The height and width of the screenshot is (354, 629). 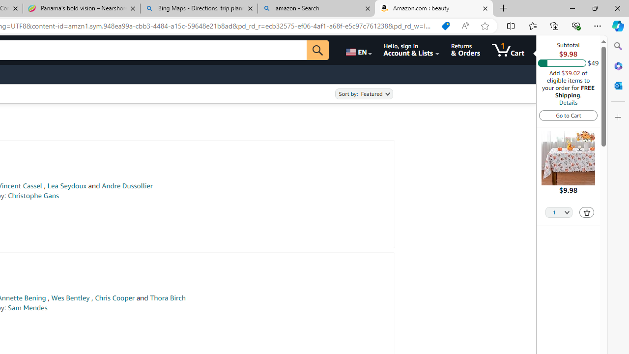 I want to click on 'Christophe Gans', so click(x=33, y=196).